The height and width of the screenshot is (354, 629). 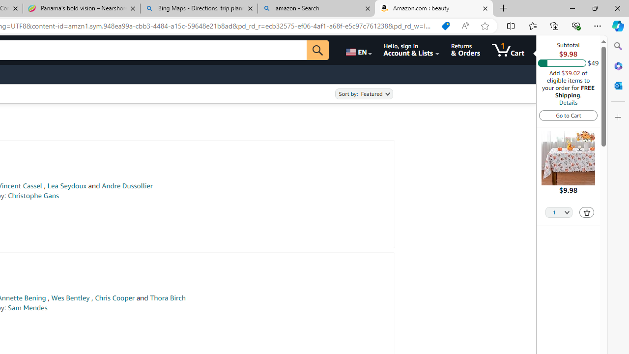 I want to click on 'Christophe Gans', so click(x=33, y=196).